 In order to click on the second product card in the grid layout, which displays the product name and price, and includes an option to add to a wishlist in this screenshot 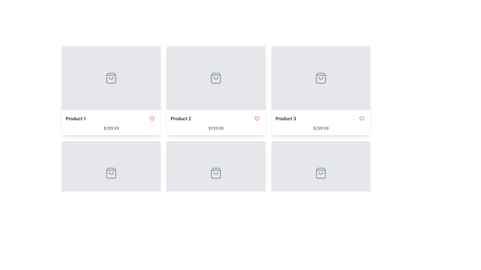, I will do `click(216, 90)`.